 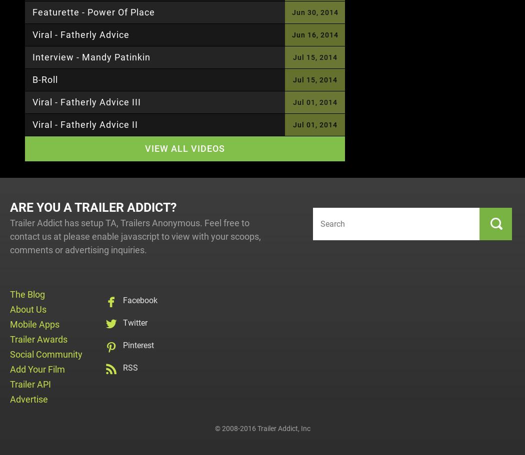 What do you see at coordinates (130, 368) in the screenshot?
I see `'RSS'` at bounding box center [130, 368].